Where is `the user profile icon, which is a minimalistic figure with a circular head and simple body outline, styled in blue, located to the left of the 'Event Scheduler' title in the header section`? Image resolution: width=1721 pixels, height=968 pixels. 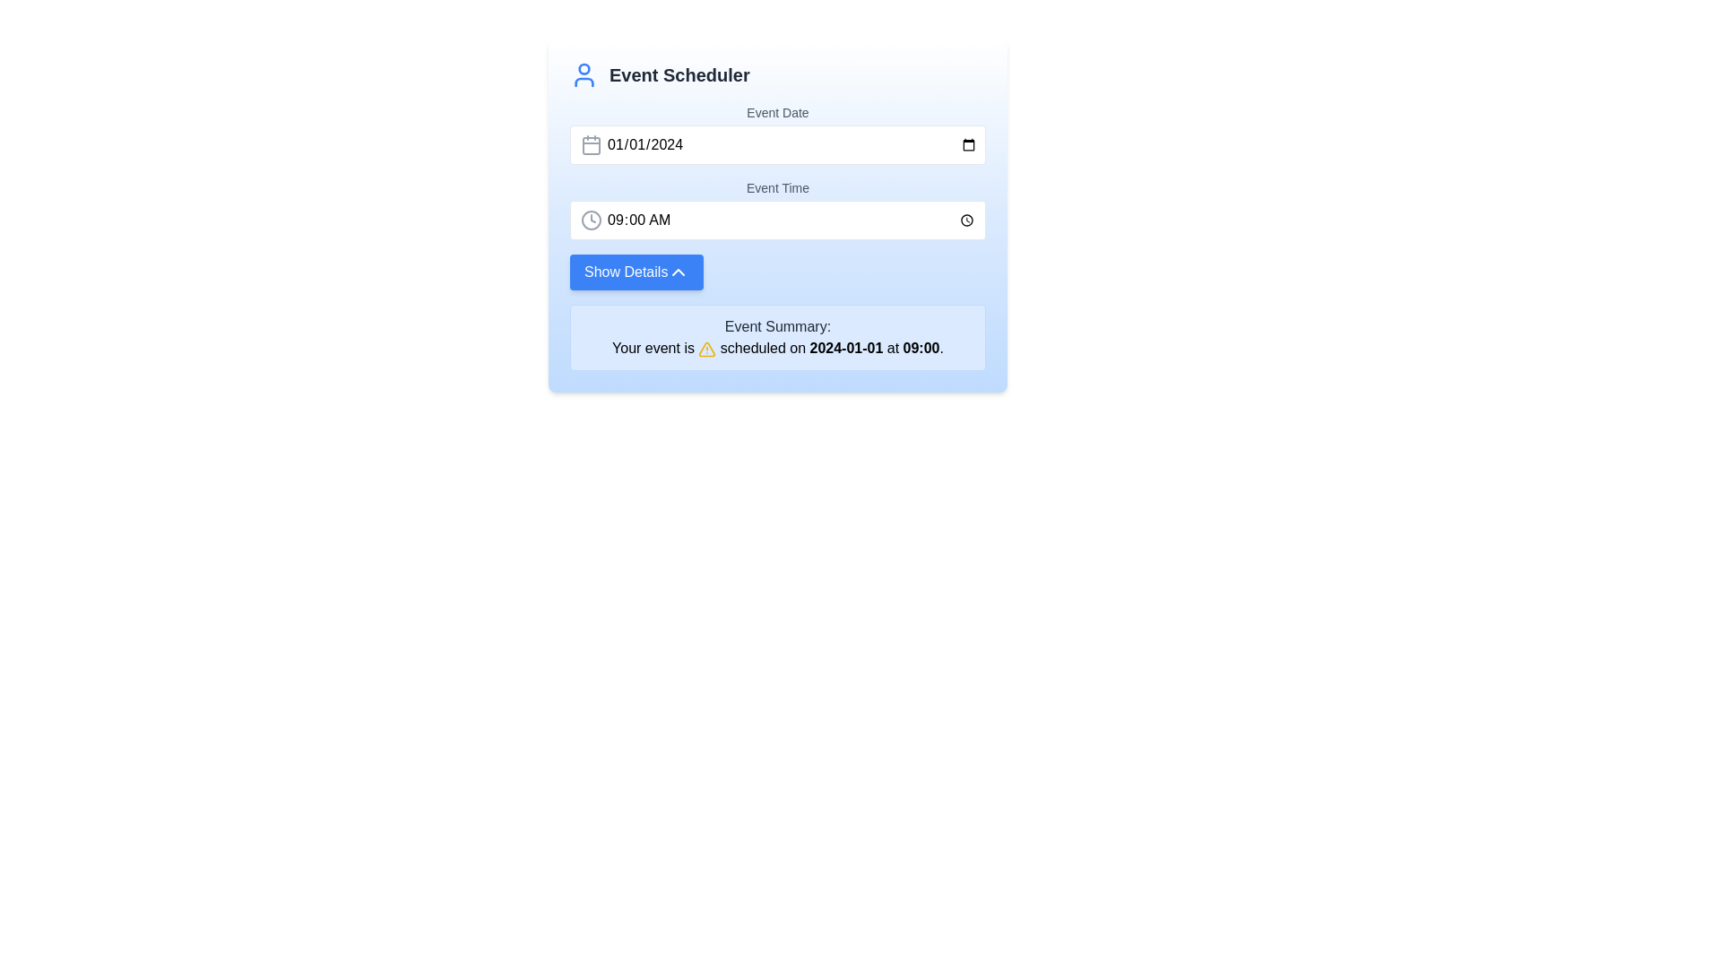 the user profile icon, which is a minimalistic figure with a circular head and simple body outline, styled in blue, located to the left of the 'Event Scheduler' title in the header section is located at coordinates (584, 74).